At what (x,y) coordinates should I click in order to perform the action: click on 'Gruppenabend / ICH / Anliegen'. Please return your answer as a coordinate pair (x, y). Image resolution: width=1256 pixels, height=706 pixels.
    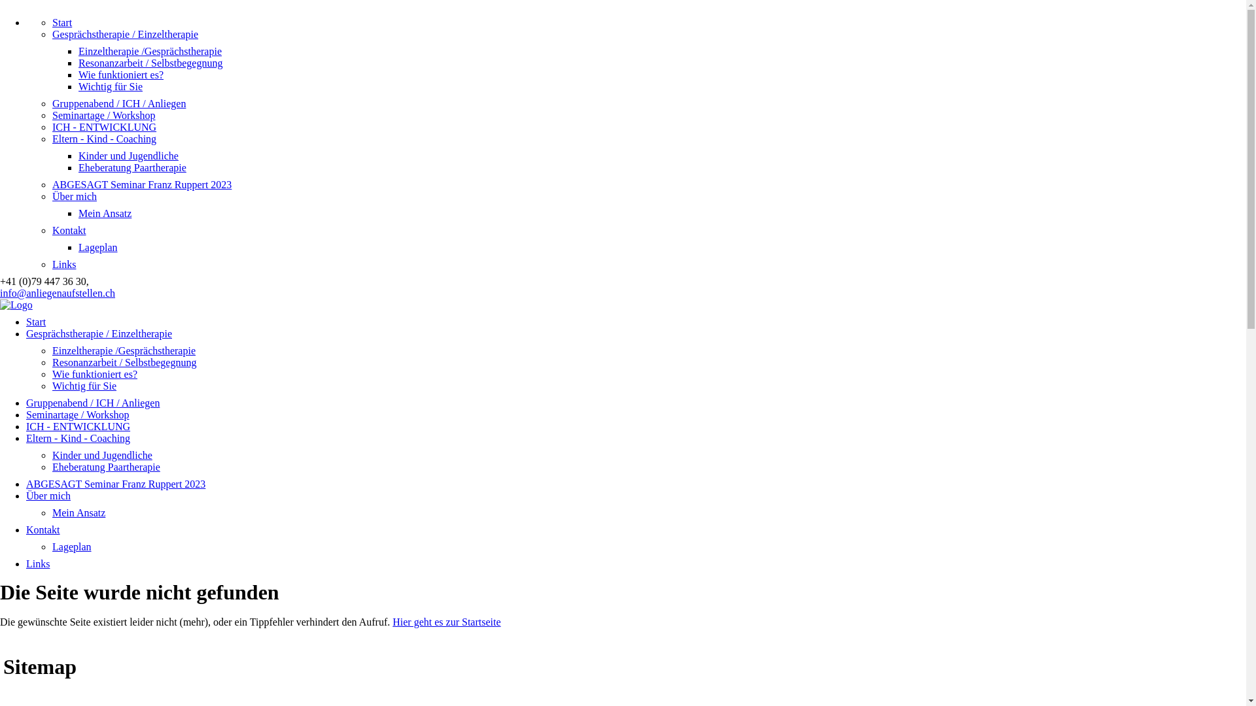
    Looking at the image, I should click on (119, 103).